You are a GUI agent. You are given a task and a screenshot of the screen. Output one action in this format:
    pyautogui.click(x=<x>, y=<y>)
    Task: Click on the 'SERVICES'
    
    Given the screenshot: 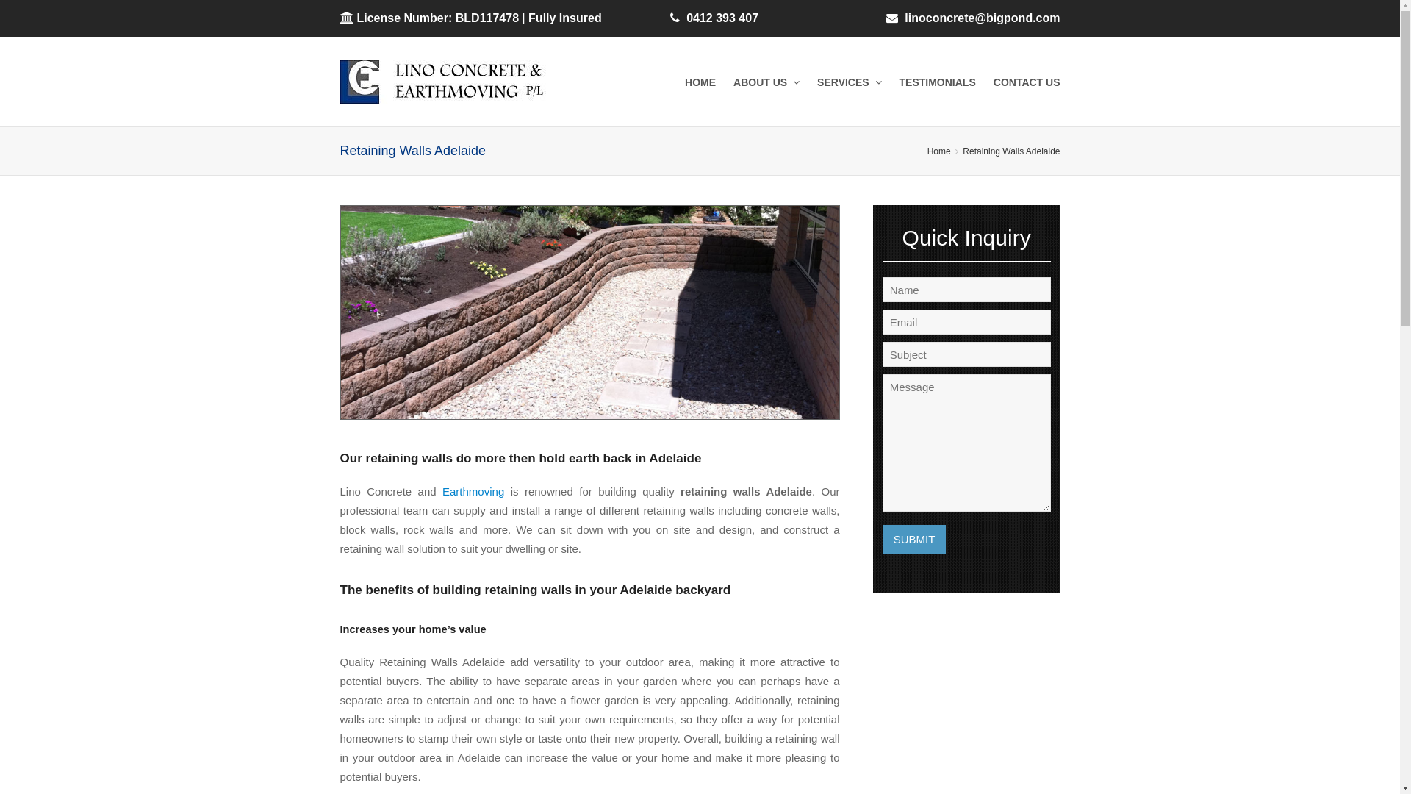 What is the action you would take?
    pyautogui.click(x=849, y=82)
    